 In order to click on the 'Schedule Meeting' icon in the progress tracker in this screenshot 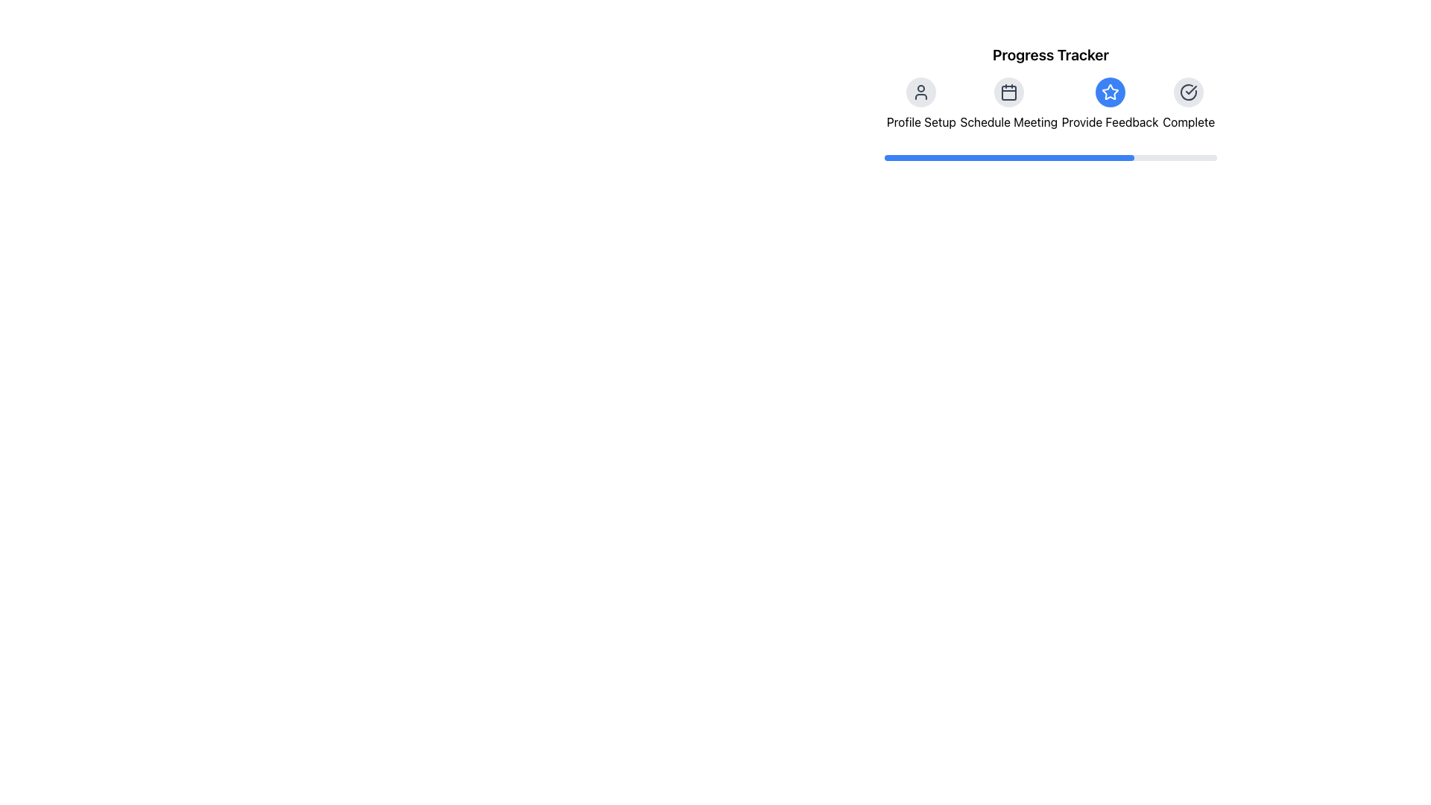, I will do `click(1008, 92)`.